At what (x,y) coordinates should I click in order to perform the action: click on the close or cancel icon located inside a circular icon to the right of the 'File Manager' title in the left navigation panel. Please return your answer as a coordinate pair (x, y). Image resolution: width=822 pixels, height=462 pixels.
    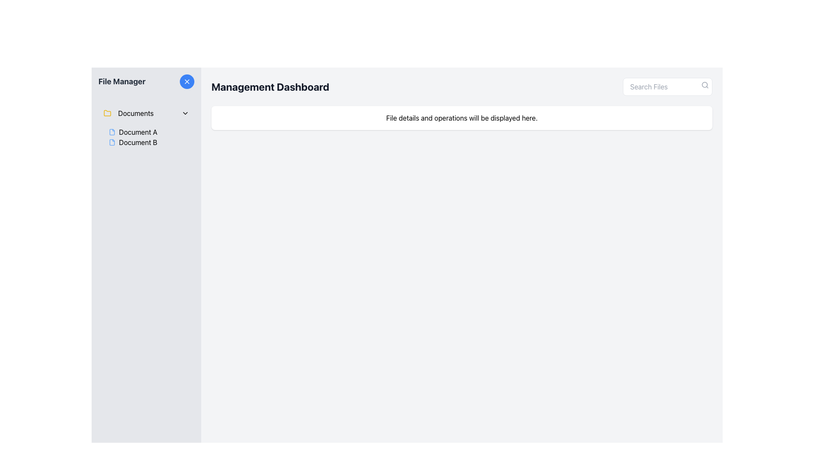
    Looking at the image, I should click on (186, 82).